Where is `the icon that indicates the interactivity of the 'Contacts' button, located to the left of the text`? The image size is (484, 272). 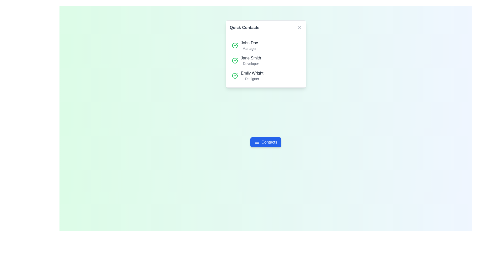
the icon that indicates the interactivity of the 'Contacts' button, located to the left of the text is located at coordinates (257, 142).